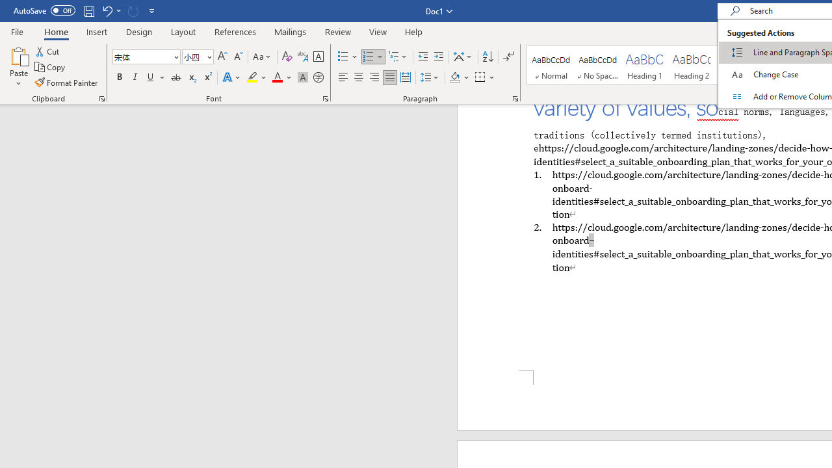  Describe the element at coordinates (487, 56) in the screenshot. I see `'Sort...'` at that location.